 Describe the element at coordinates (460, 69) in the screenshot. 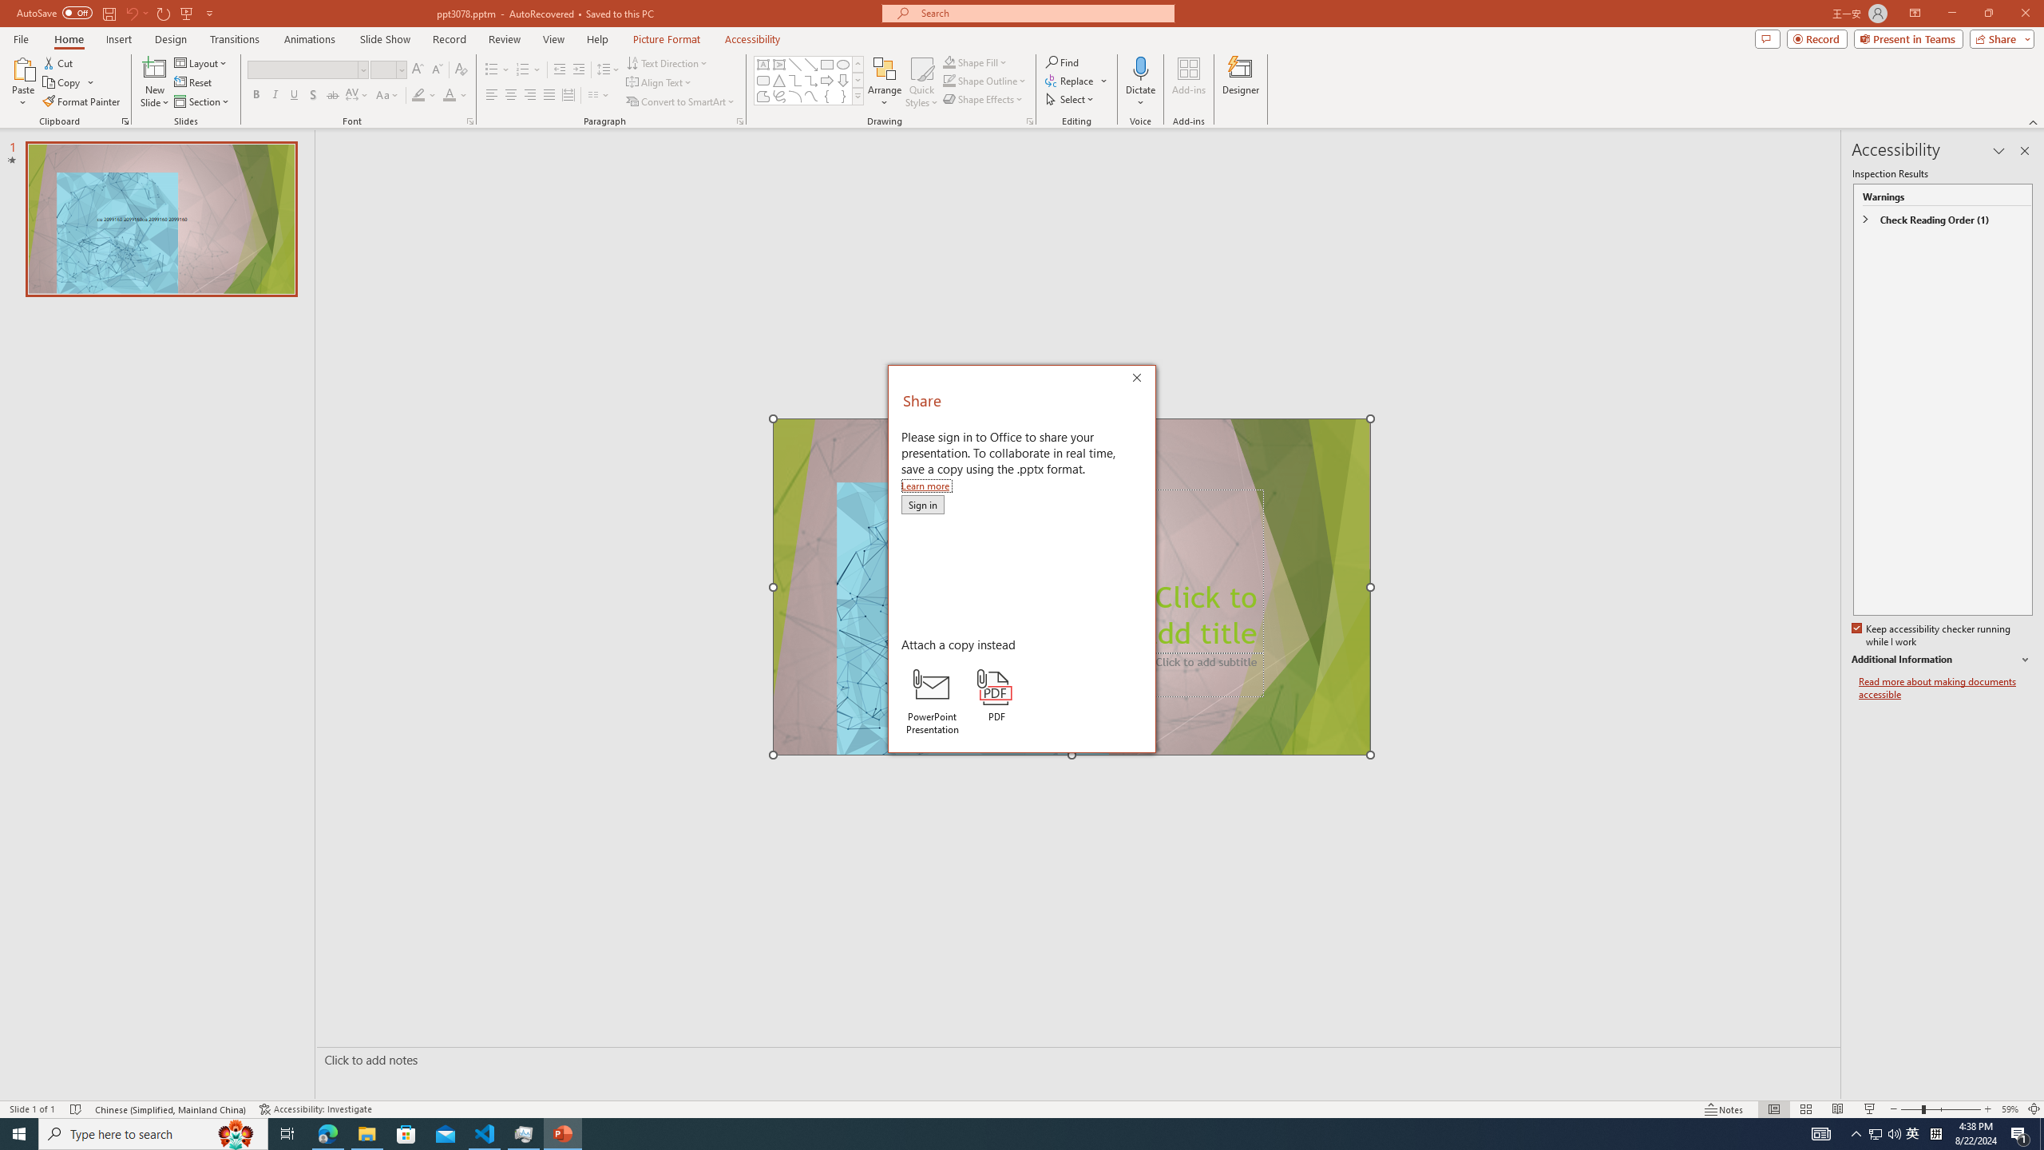

I see `'Clear Formatting'` at that location.